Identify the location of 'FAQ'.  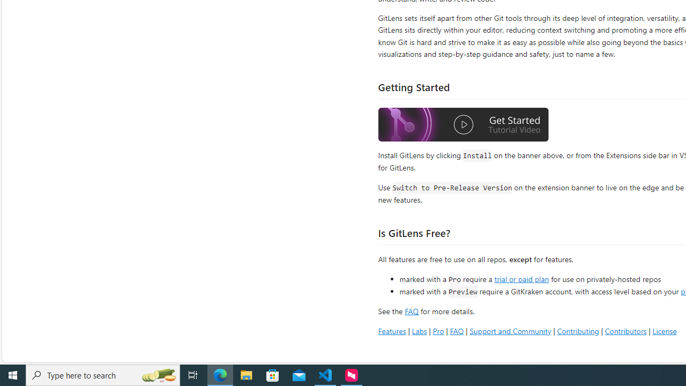
(457, 330).